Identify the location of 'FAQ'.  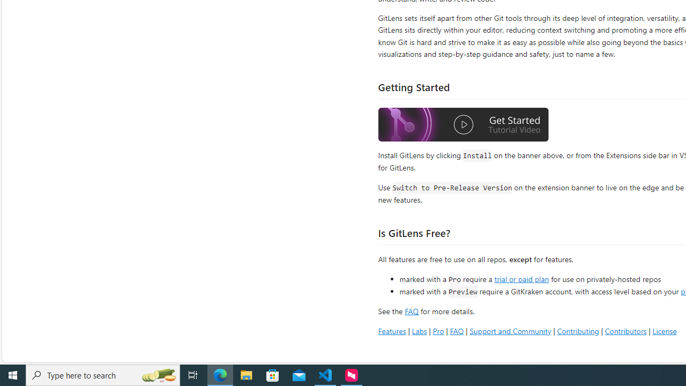
(457, 330).